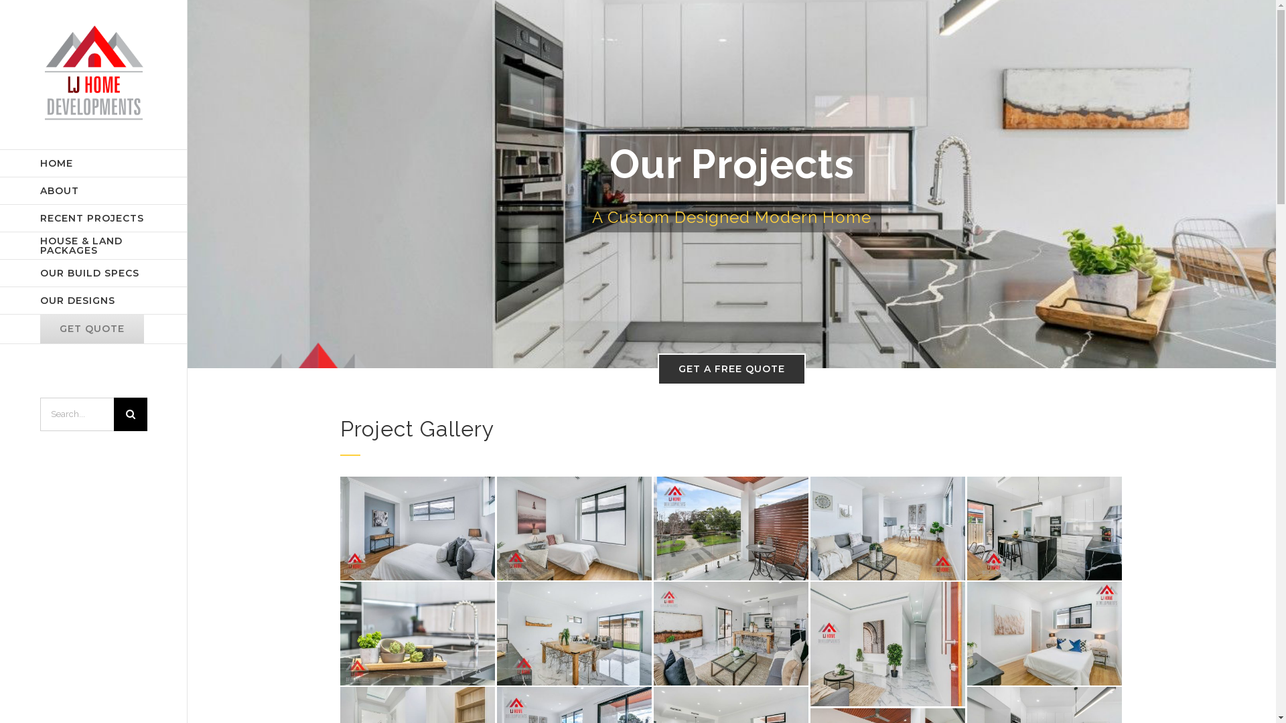  Describe the element at coordinates (340, 633) in the screenshot. I see `'5'` at that location.